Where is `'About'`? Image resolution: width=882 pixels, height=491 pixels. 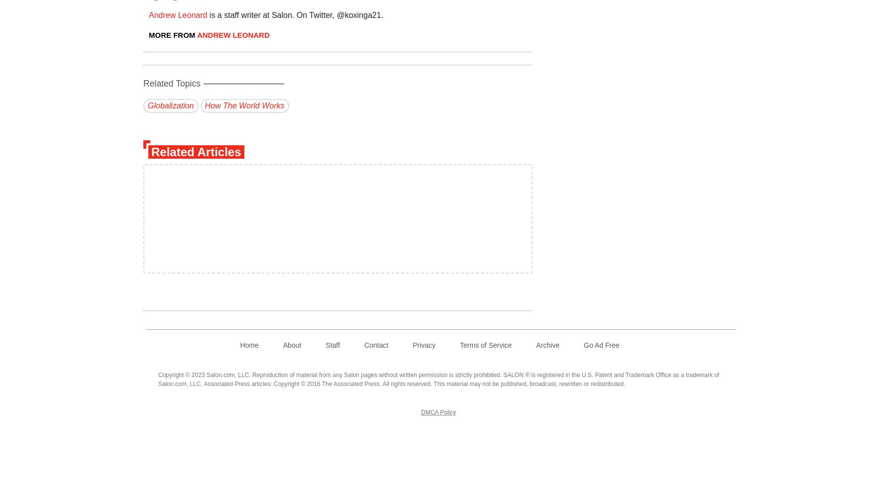
'About' is located at coordinates (292, 344).